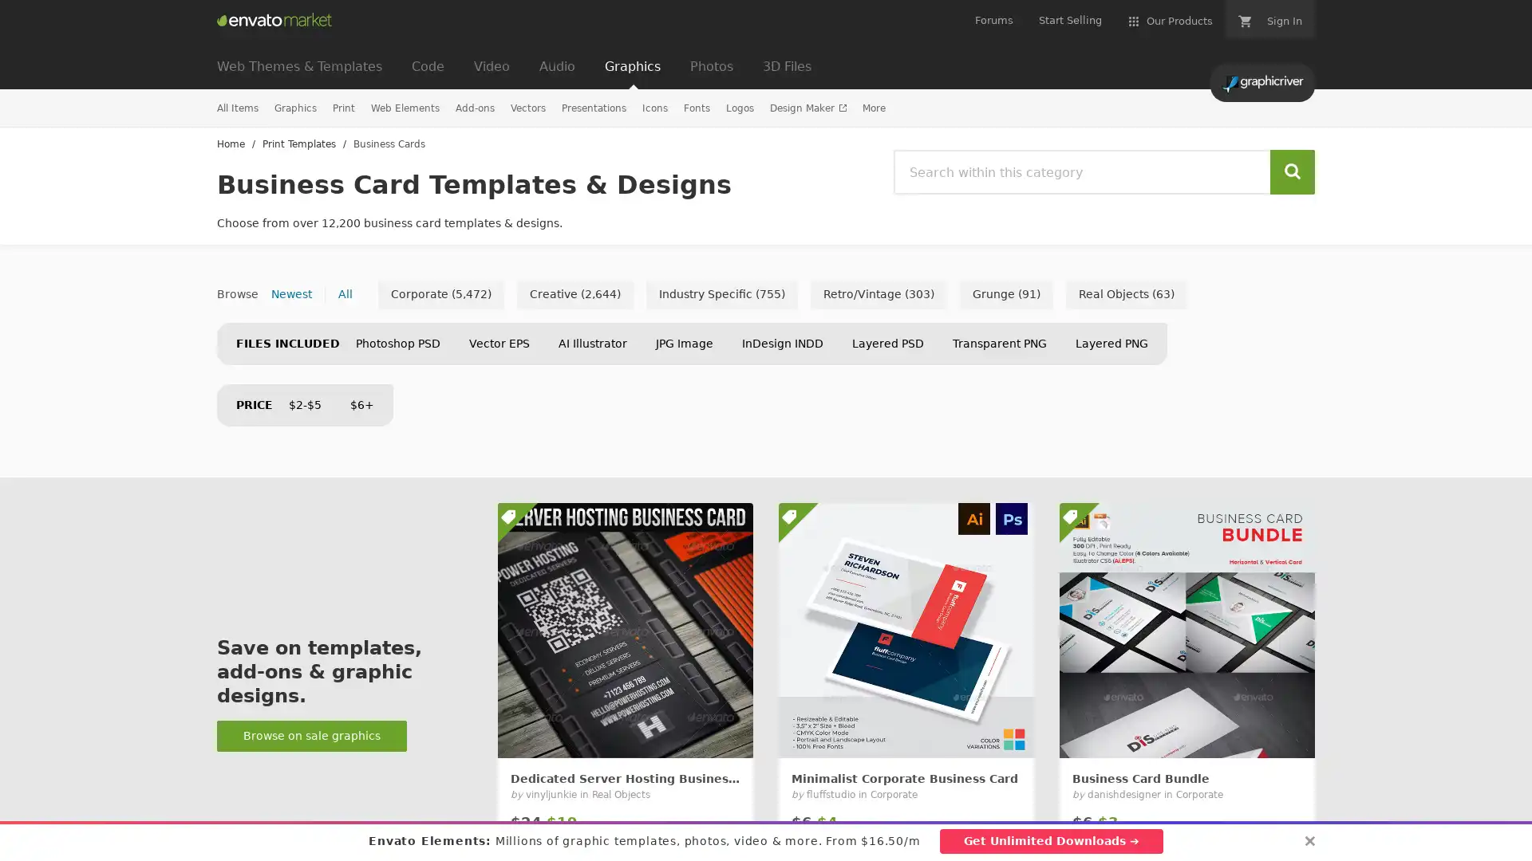  Describe the element at coordinates (1013, 735) in the screenshot. I see `Add to Favorites` at that location.